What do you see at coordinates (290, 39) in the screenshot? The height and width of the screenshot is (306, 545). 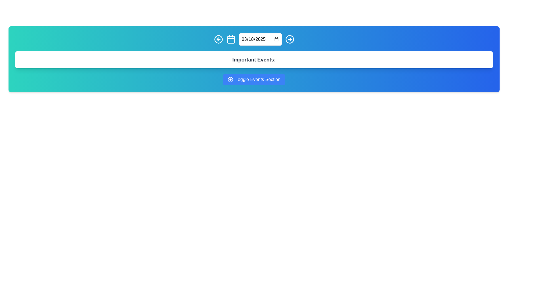 I see `the rightmost navigation button in the top row to proceed to the next item or section` at bounding box center [290, 39].